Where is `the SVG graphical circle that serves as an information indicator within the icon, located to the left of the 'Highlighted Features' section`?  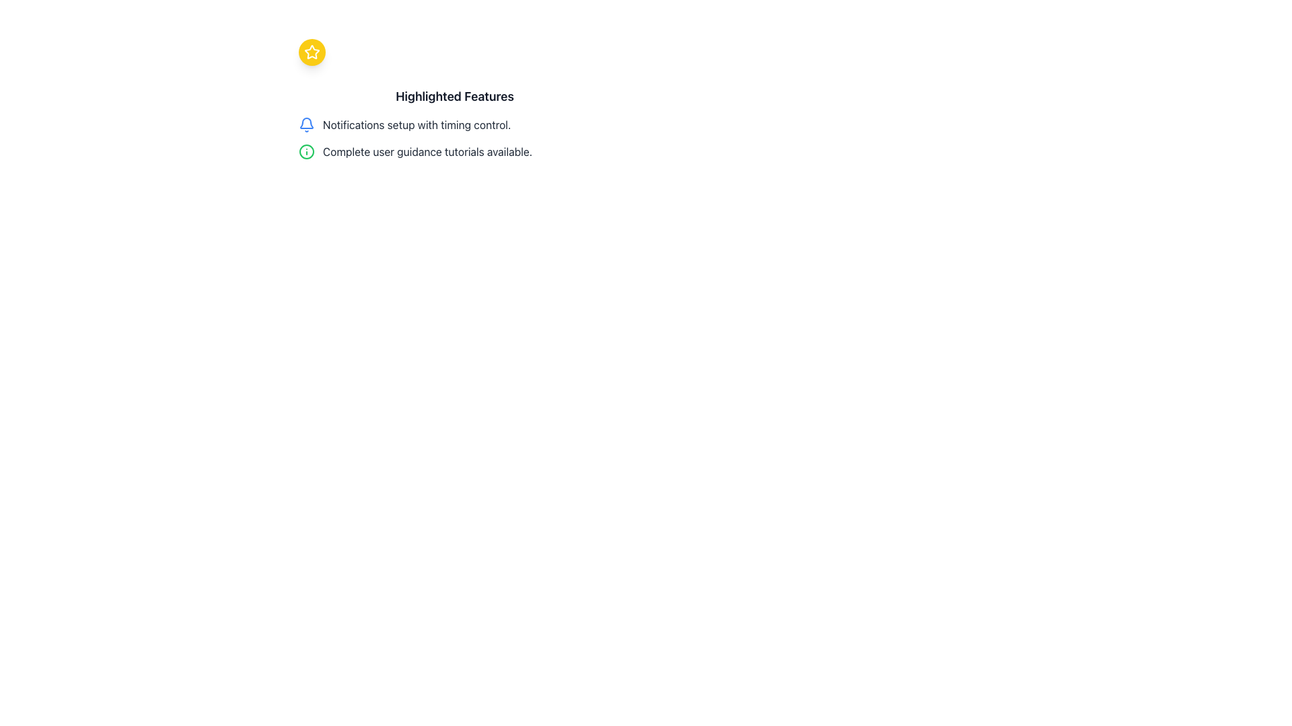 the SVG graphical circle that serves as an information indicator within the icon, located to the left of the 'Highlighted Features' section is located at coordinates (306, 151).